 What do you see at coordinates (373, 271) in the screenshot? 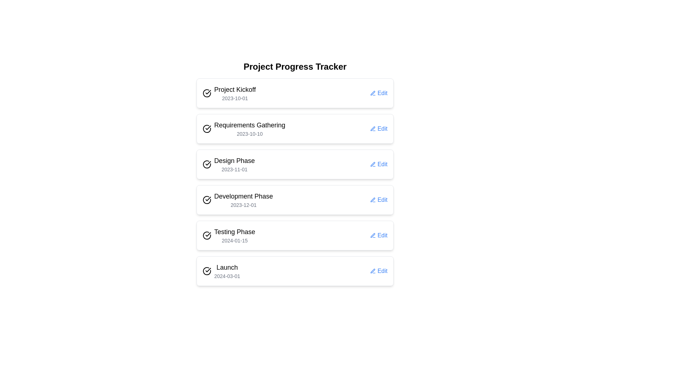
I see `the edit icon (pen symbol in SVG format) located in the fifth row next to the item labeled 'Launch'` at bounding box center [373, 271].